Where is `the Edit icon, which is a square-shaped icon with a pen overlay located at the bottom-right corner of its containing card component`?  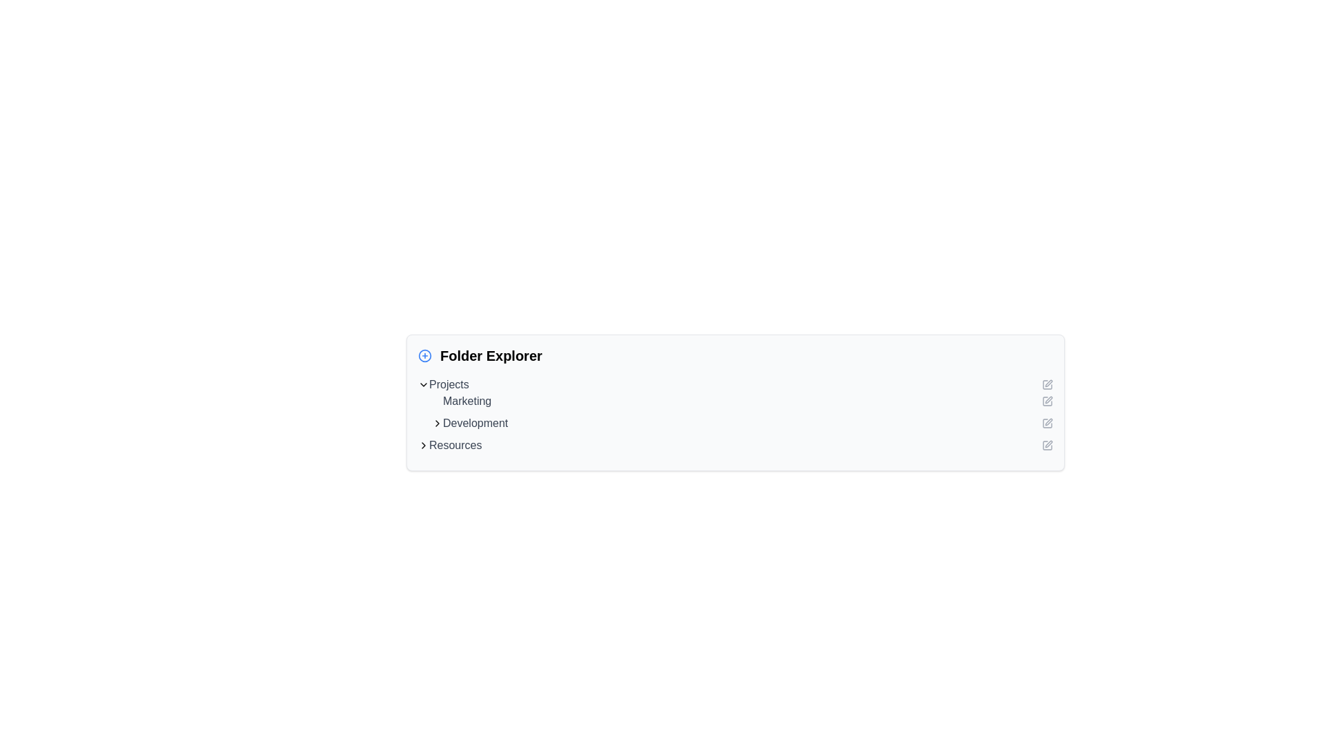
the Edit icon, which is a square-shaped icon with a pen overlay located at the bottom-right corner of its containing card component is located at coordinates (1047, 422).